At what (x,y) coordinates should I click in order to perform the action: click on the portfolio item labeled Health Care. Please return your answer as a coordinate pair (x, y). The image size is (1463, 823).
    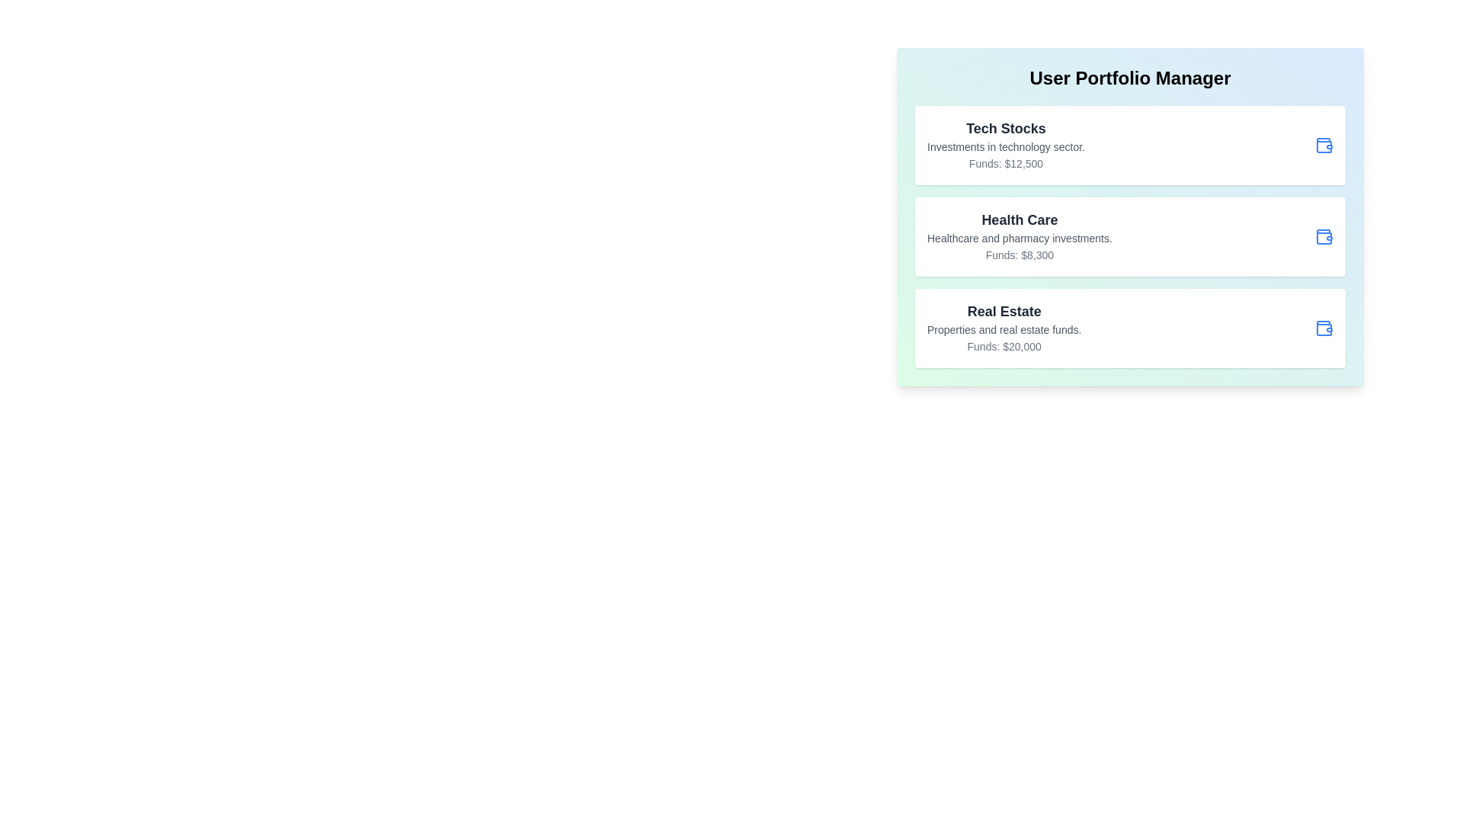
    Looking at the image, I should click on (1130, 237).